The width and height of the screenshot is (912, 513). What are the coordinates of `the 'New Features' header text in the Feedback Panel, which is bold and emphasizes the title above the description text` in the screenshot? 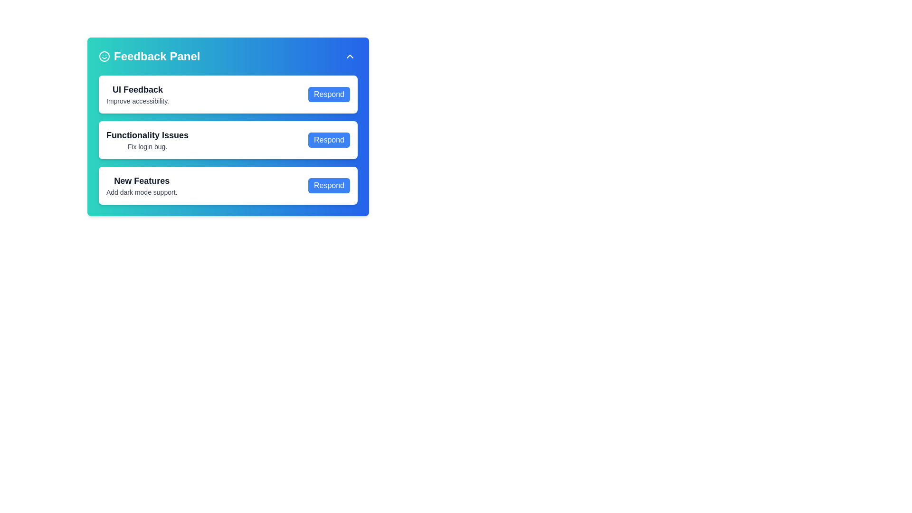 It's located at (141, 181).